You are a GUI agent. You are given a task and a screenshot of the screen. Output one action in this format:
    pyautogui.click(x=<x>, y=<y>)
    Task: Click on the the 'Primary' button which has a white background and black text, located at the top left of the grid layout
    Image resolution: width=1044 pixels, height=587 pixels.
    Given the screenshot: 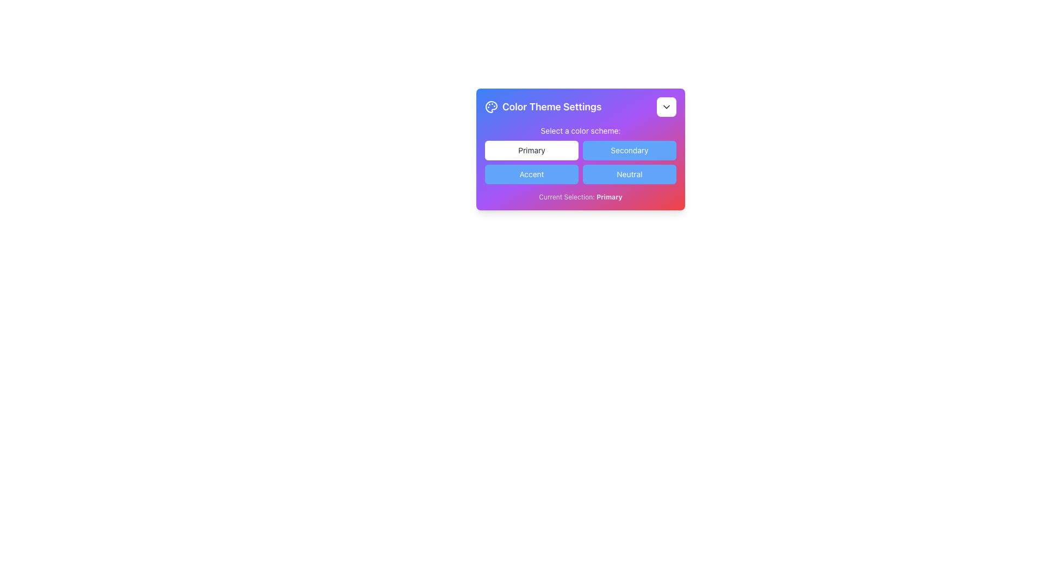 What is the action you would take?
    pyautogui.click(x=532, y=151)
    